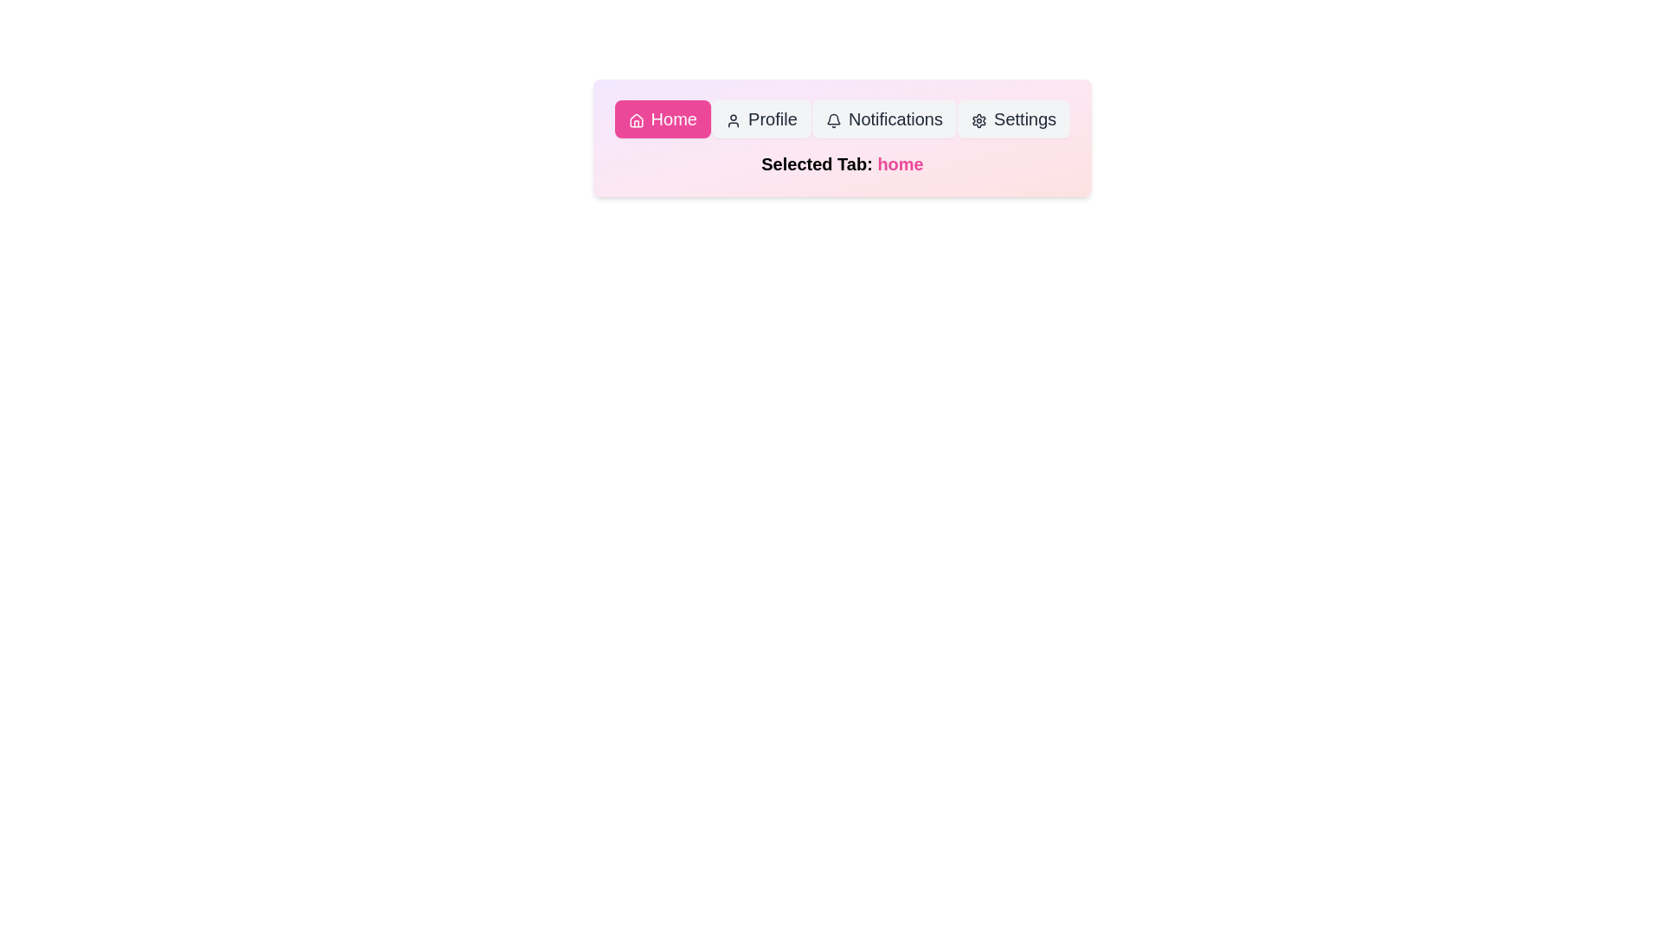 Image resolution: width=1661 pixels, height=934 pixels. I want to click on the navigation buttons in the composite UI element with a gradient background, so click(843, 137).